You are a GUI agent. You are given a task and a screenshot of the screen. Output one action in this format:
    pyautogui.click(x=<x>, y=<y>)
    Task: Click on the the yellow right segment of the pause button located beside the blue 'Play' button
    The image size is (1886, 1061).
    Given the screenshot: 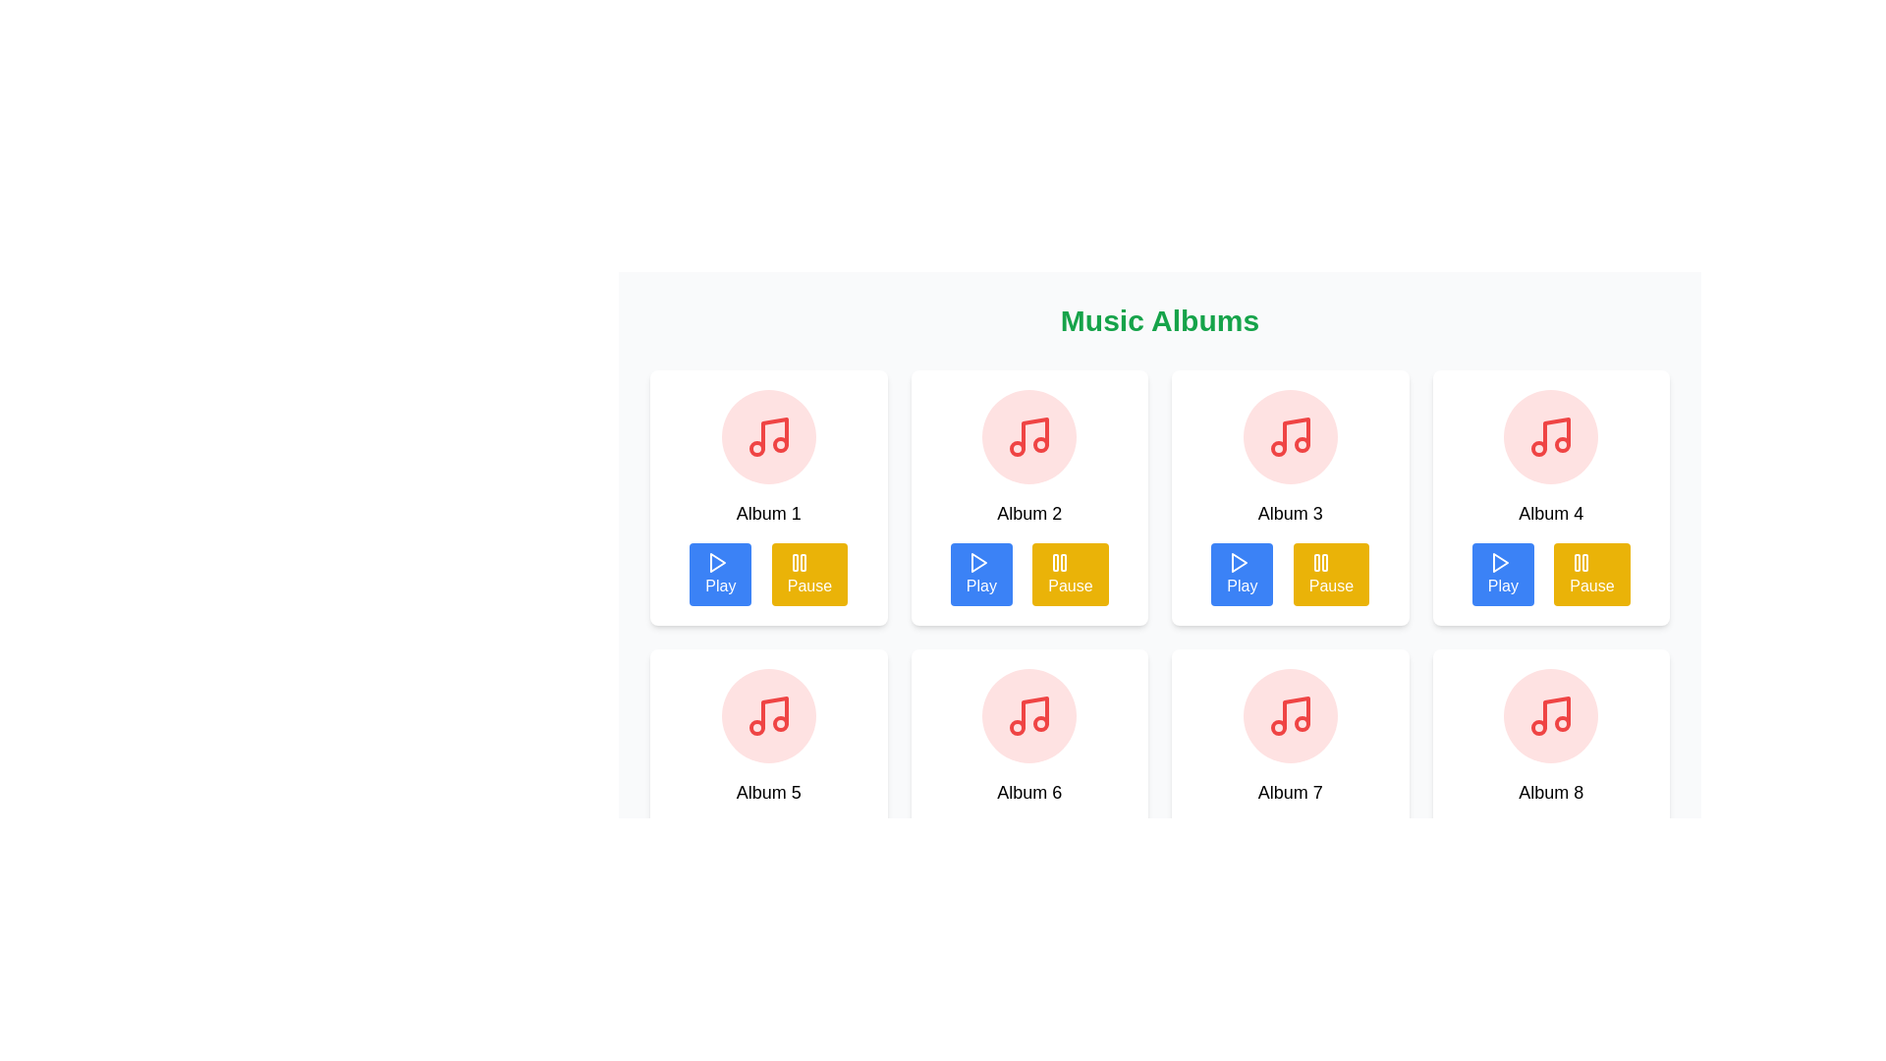 What is the action you would take?
    pyautogui.click(x=803, y=563)
    